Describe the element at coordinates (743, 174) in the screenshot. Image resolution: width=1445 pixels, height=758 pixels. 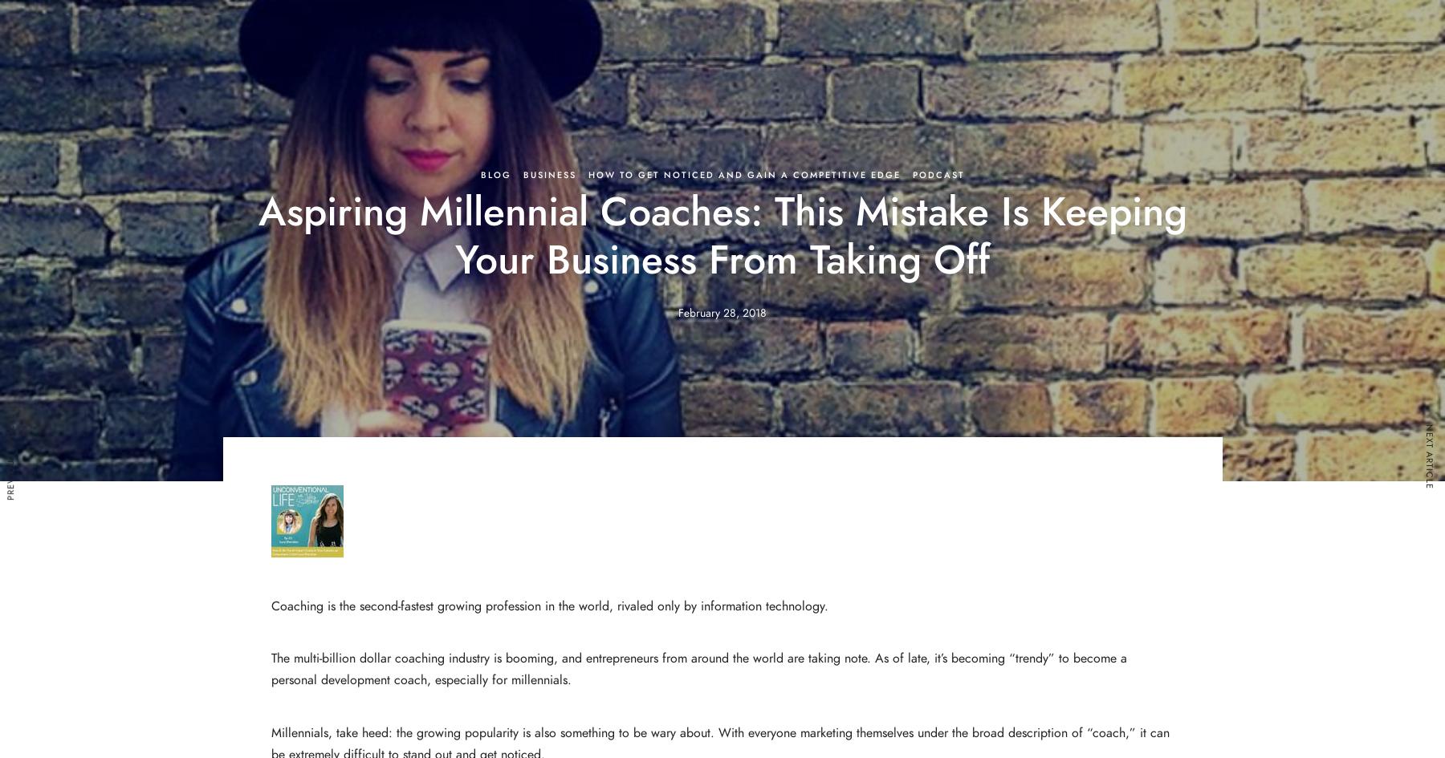
I see `'How To Get Noticed And Gain A Competitive Edge'` at that location.